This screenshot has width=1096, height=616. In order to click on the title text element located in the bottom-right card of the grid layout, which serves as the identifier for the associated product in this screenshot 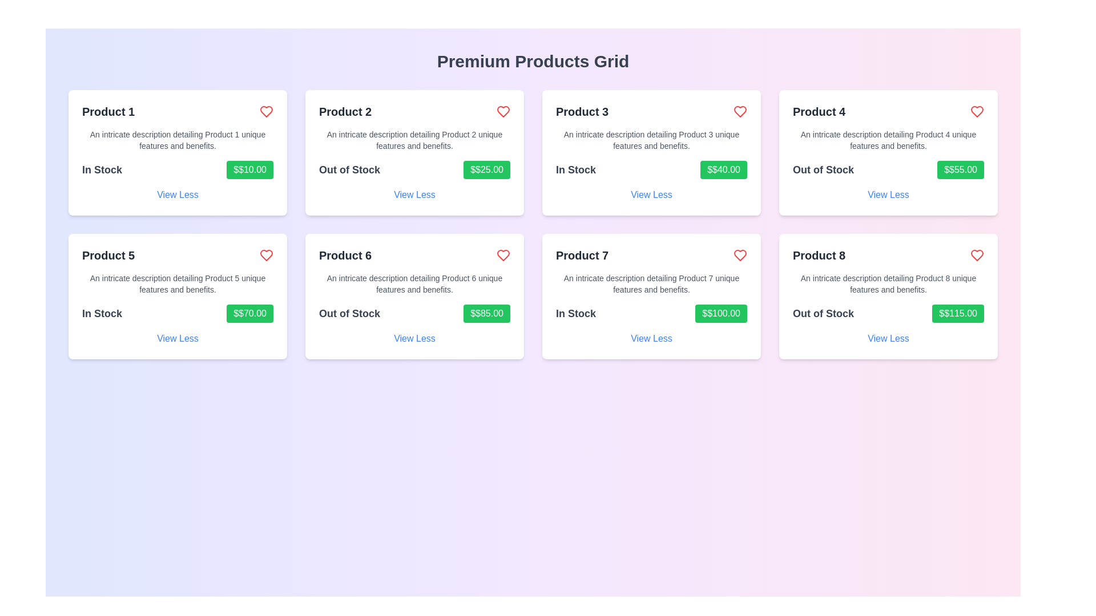, I will do `click(819, 254)`.